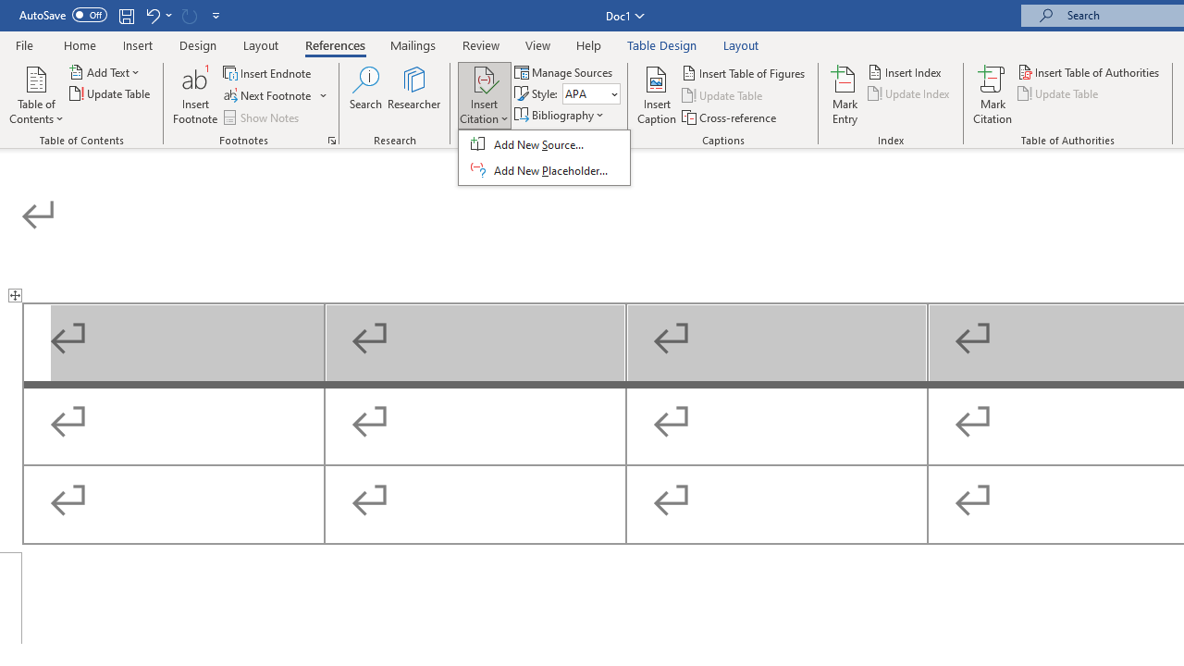  Describe the element at coordinates (590, 93) in the screenshot. I see `'Style'` at that location.